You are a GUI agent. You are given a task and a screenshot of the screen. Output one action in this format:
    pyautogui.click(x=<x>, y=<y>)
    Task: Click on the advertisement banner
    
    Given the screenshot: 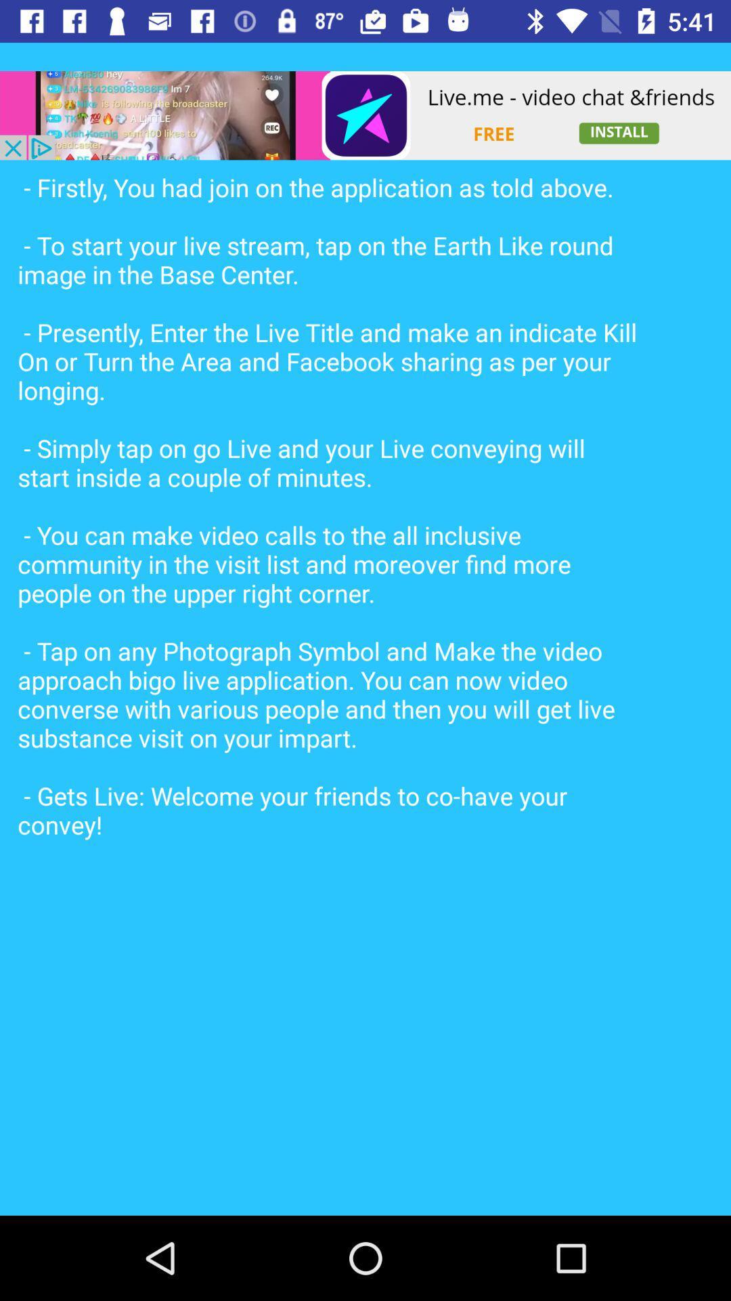 What is the action you would take?
    pyautogui.click(x=365, y=115)
    